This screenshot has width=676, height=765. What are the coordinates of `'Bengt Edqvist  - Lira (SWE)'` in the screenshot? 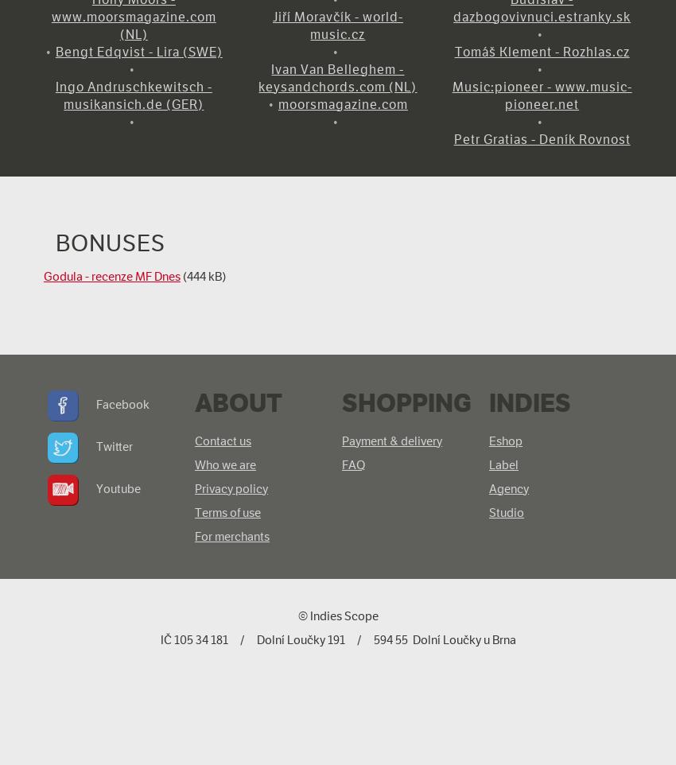 It's located at (137, 51).